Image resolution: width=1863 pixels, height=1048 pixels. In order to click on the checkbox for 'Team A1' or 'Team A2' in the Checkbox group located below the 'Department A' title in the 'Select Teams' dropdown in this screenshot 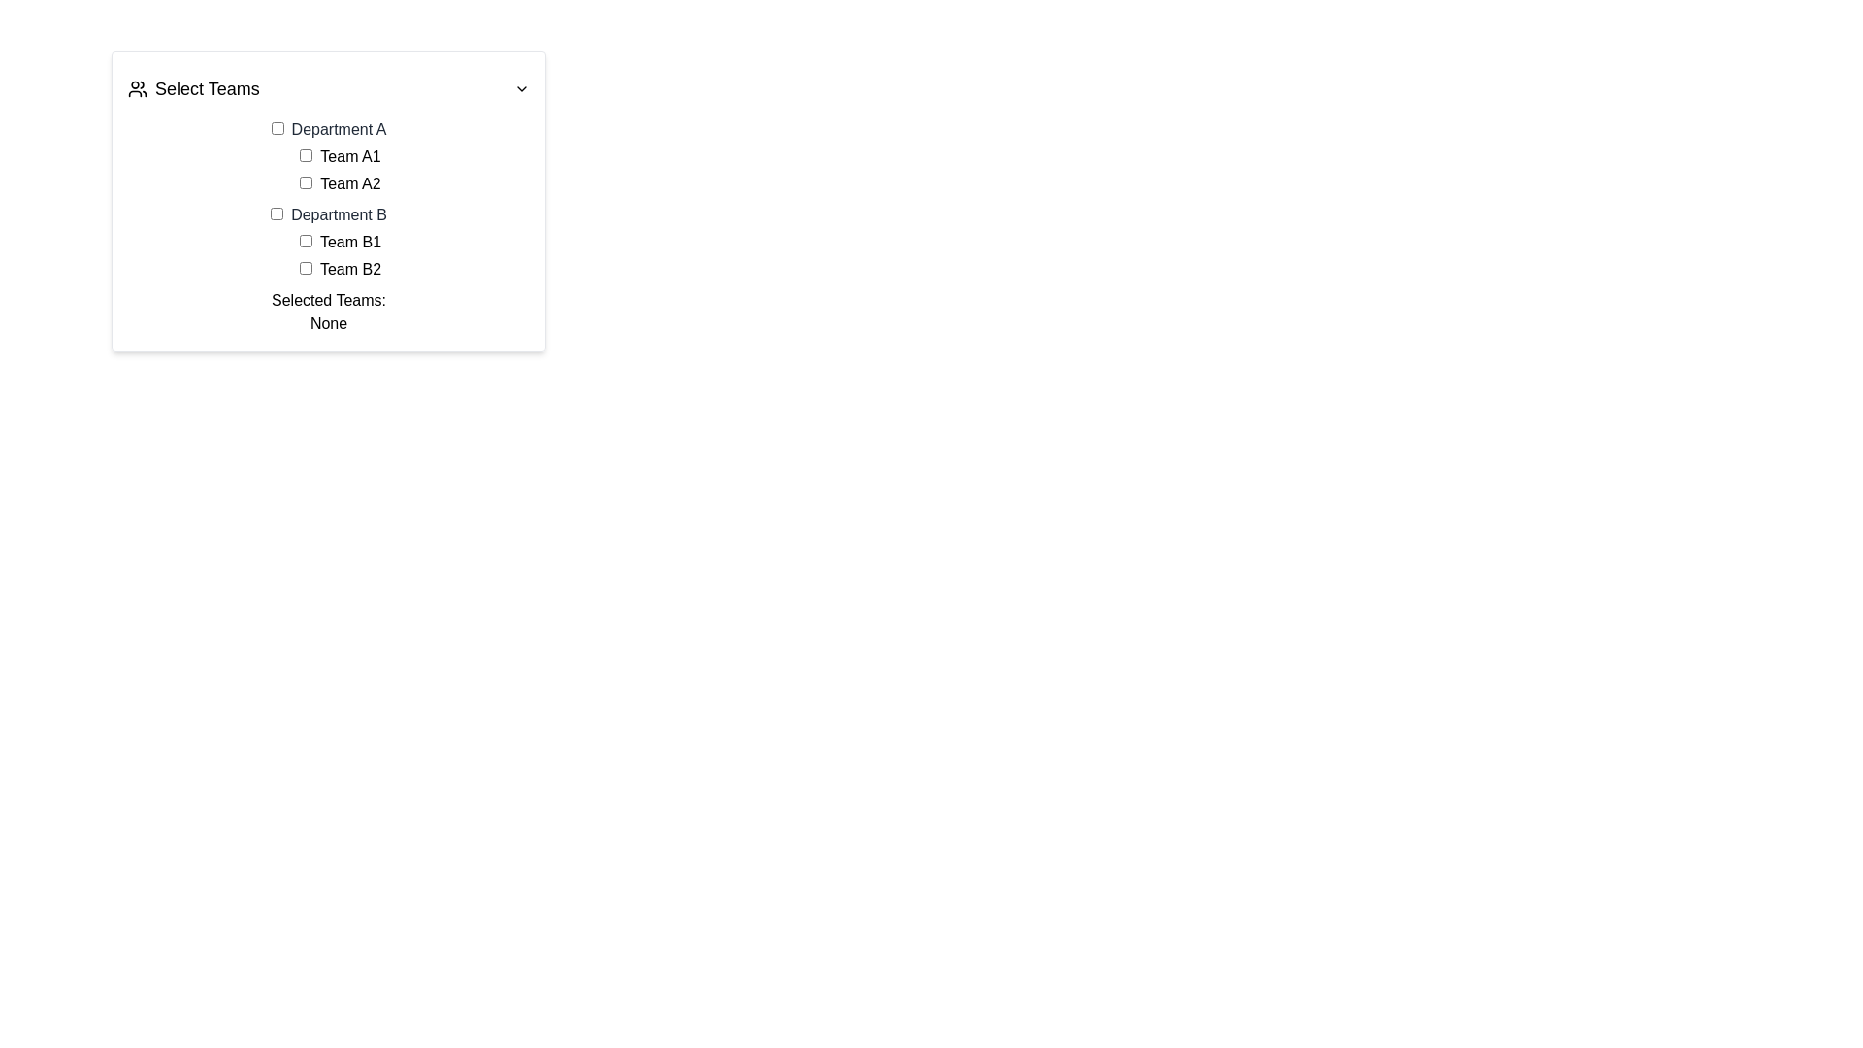, I will do `click(340, 170)`.